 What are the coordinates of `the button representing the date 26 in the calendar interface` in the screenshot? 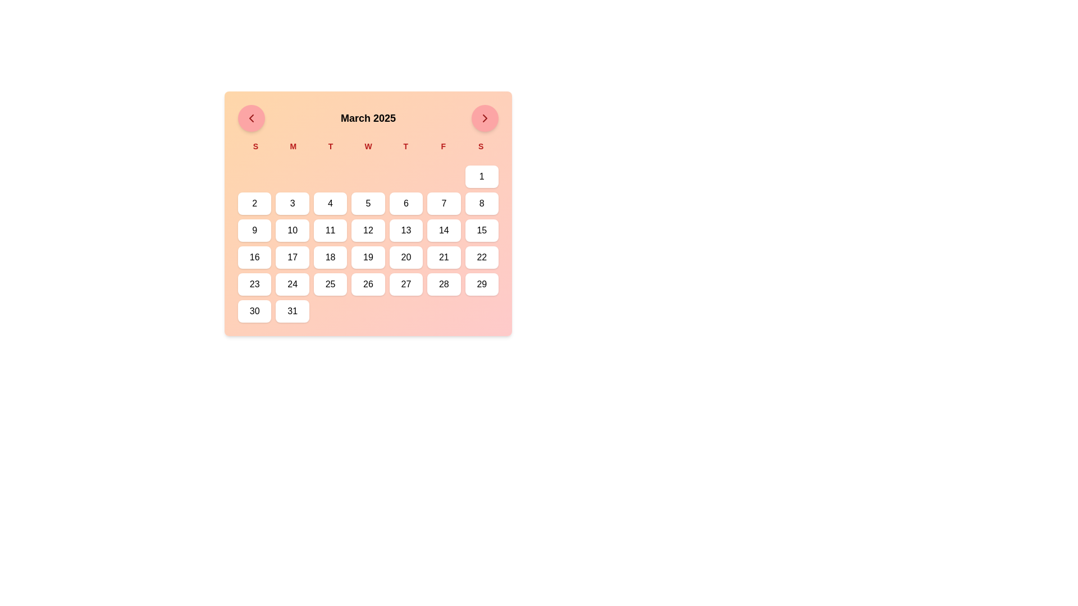 It's located at (368, 283).